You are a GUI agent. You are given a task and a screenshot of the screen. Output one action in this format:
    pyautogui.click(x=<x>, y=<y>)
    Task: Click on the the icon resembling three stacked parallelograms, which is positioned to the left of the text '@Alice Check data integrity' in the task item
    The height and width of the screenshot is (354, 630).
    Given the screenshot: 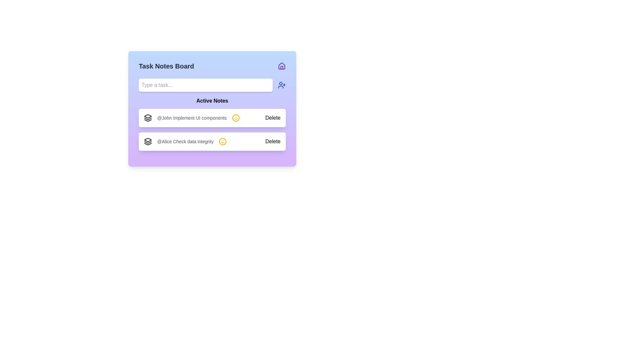 What is the action you would take?
    pyautogui.click(x=148, y=141)
    